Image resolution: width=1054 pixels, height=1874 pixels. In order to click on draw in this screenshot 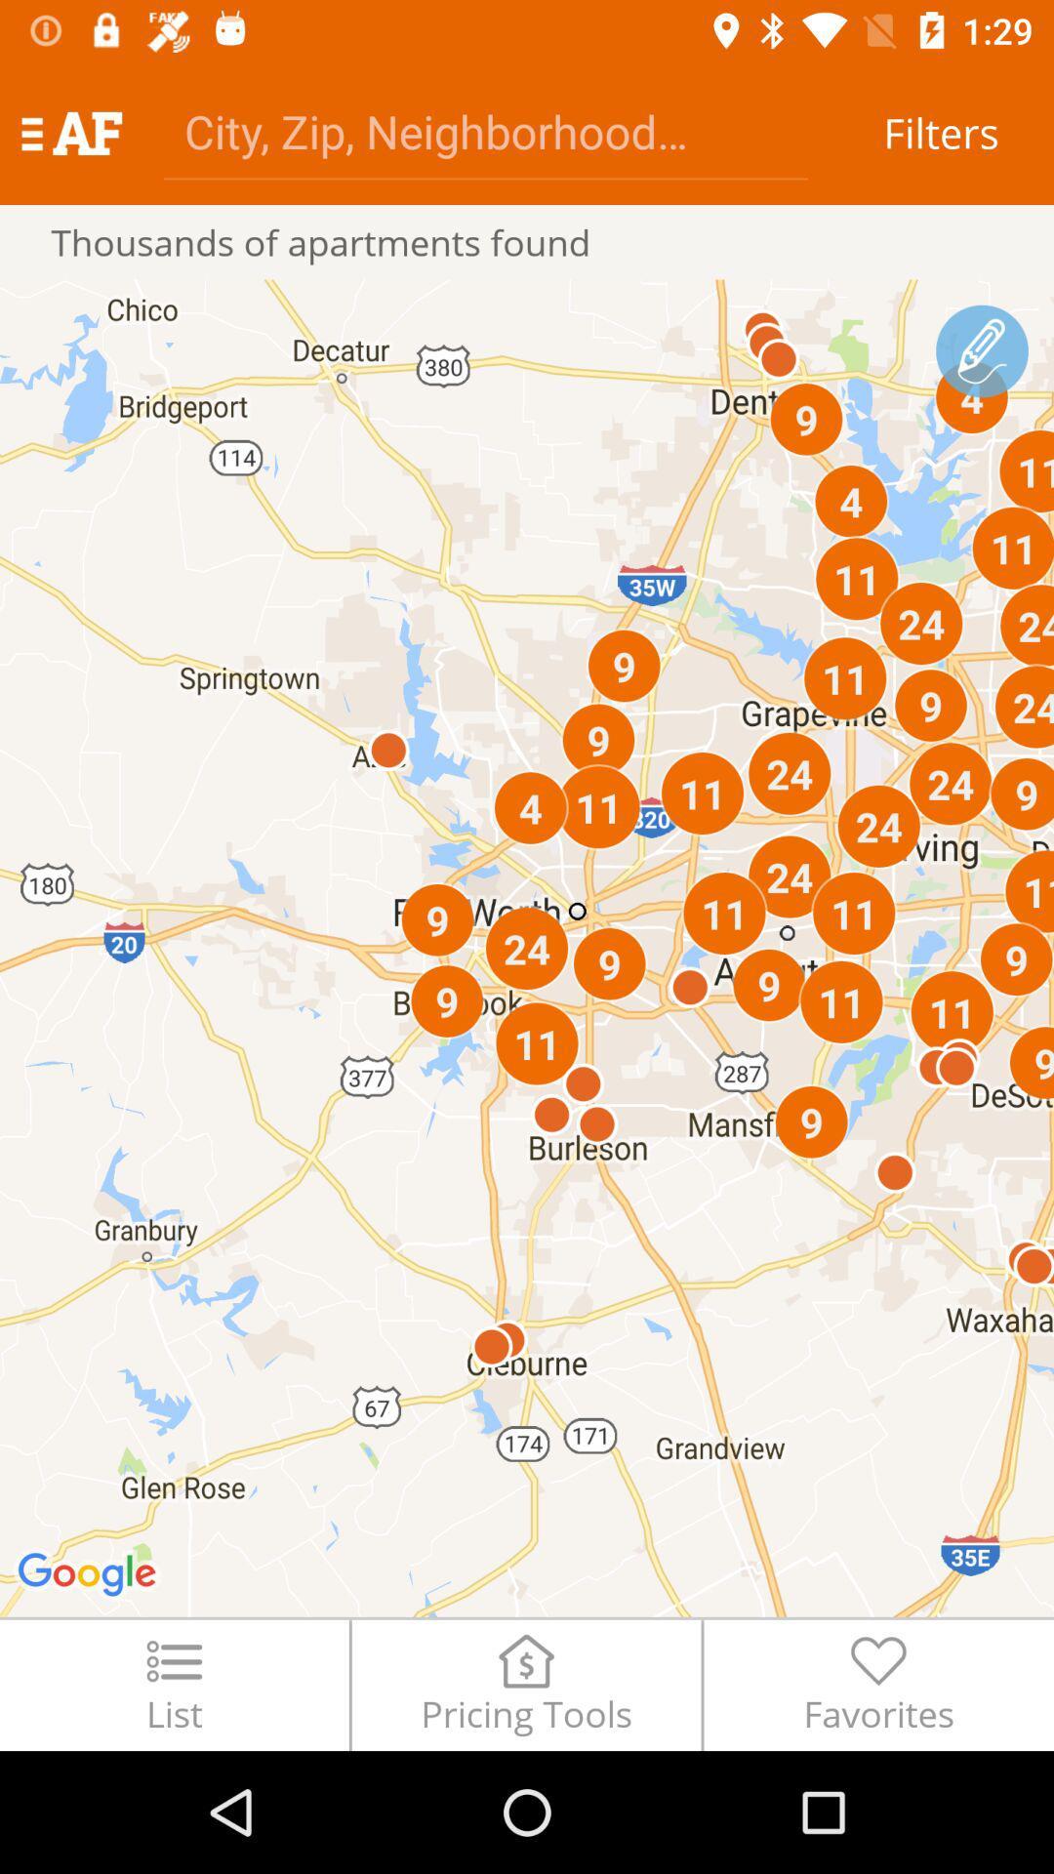, I will do `click(982, 351)`.